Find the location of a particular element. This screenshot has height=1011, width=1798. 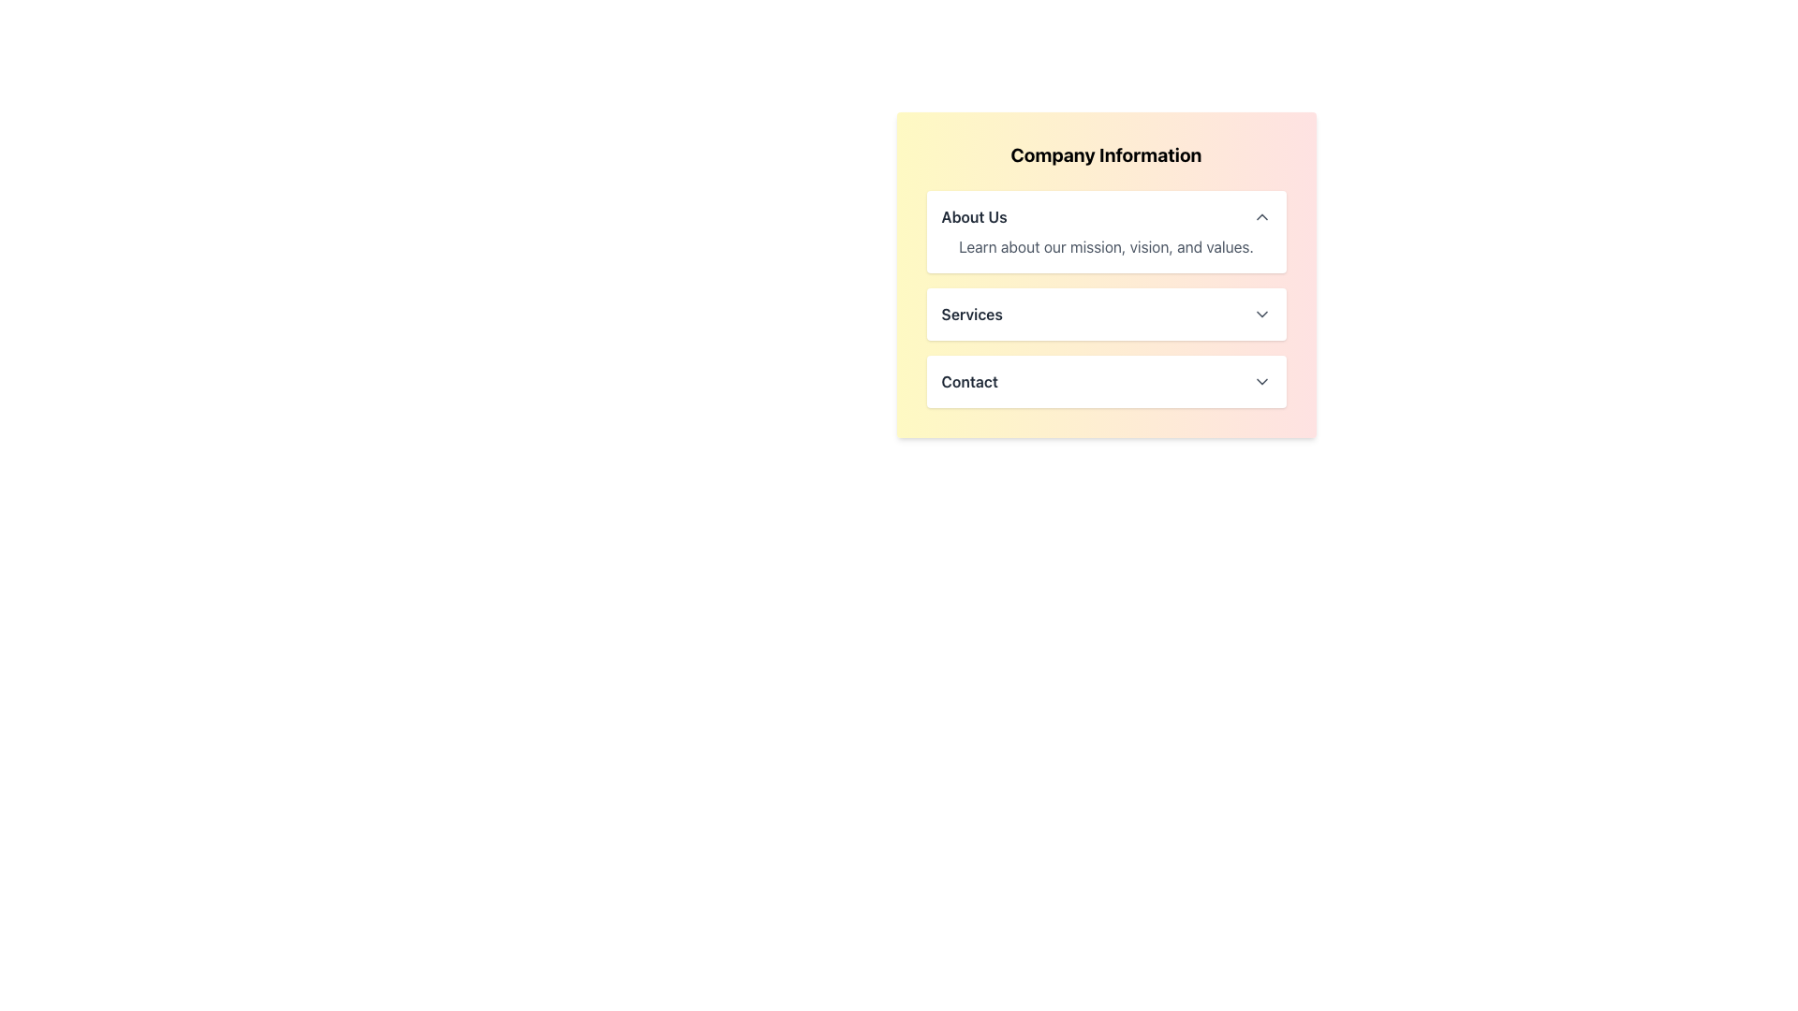

the Chevron icon located to the right of the 'About Us' header is located at coordinates (1261, 215).